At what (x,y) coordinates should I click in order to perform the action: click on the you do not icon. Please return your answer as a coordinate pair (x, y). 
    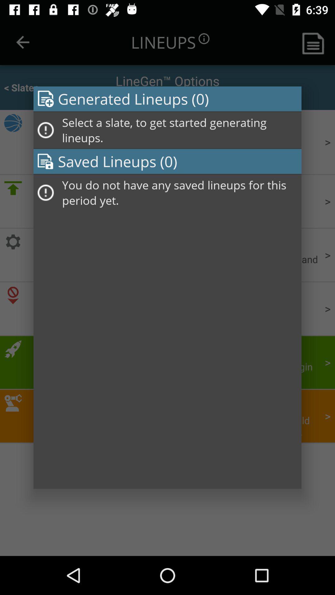
    Looking at the image, I should click on (180, 192).